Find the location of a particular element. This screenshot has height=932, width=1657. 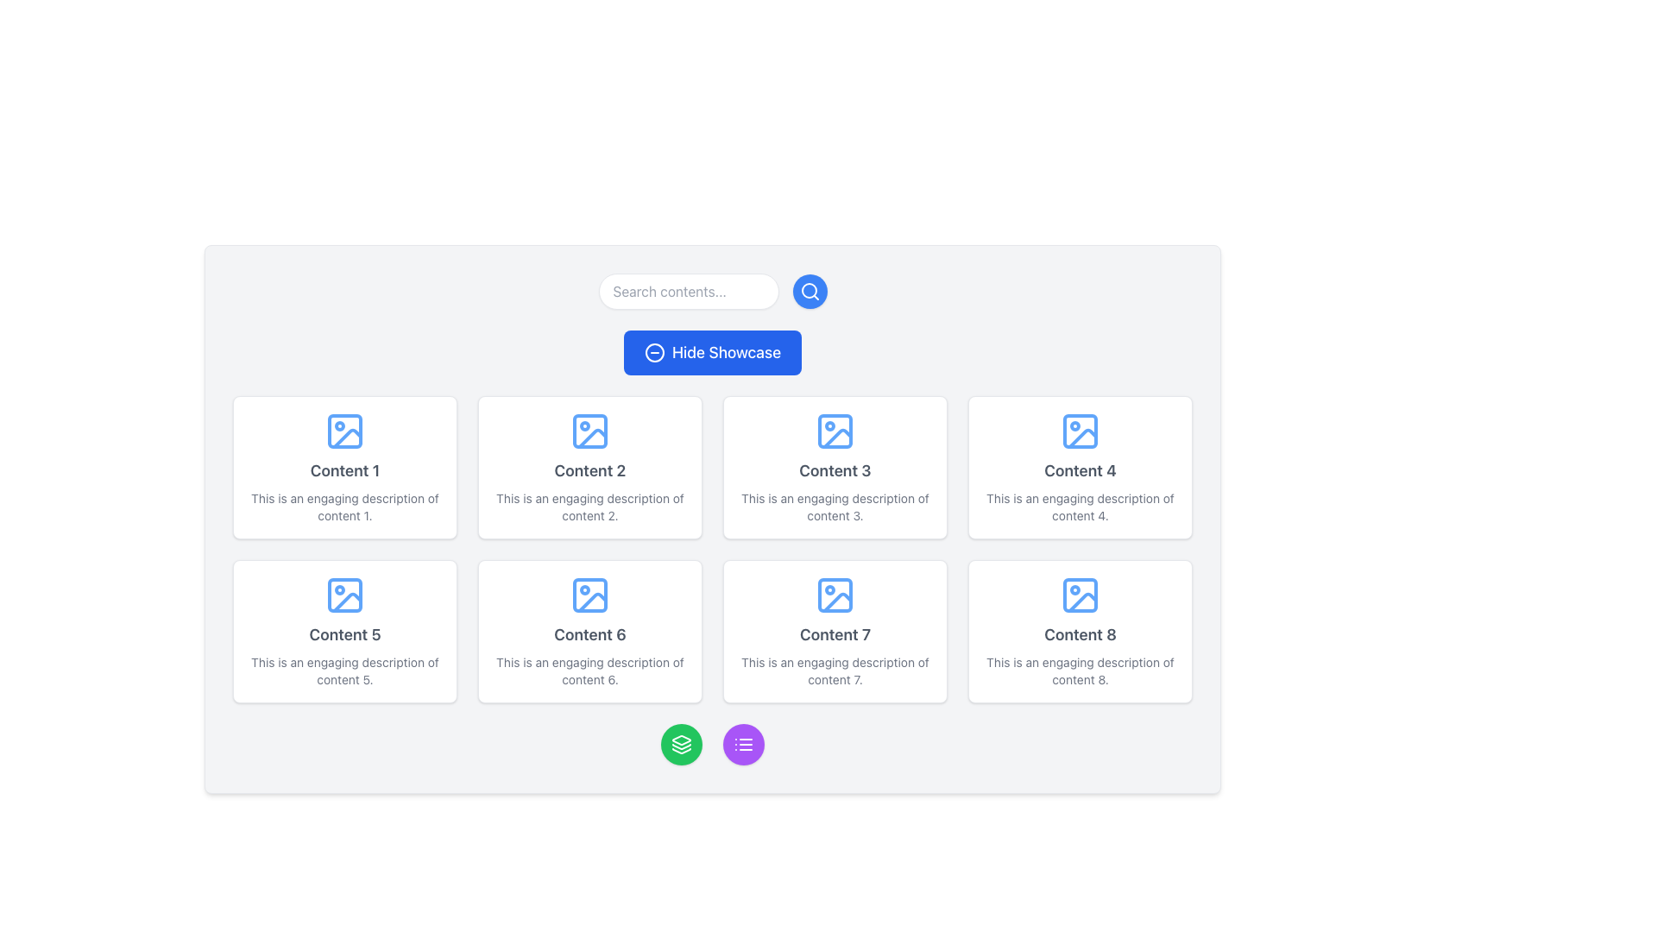

the static text label providing additional information about 'Content 7', located at the bottom section of the corresponding card is located at coordinates (835, 671).